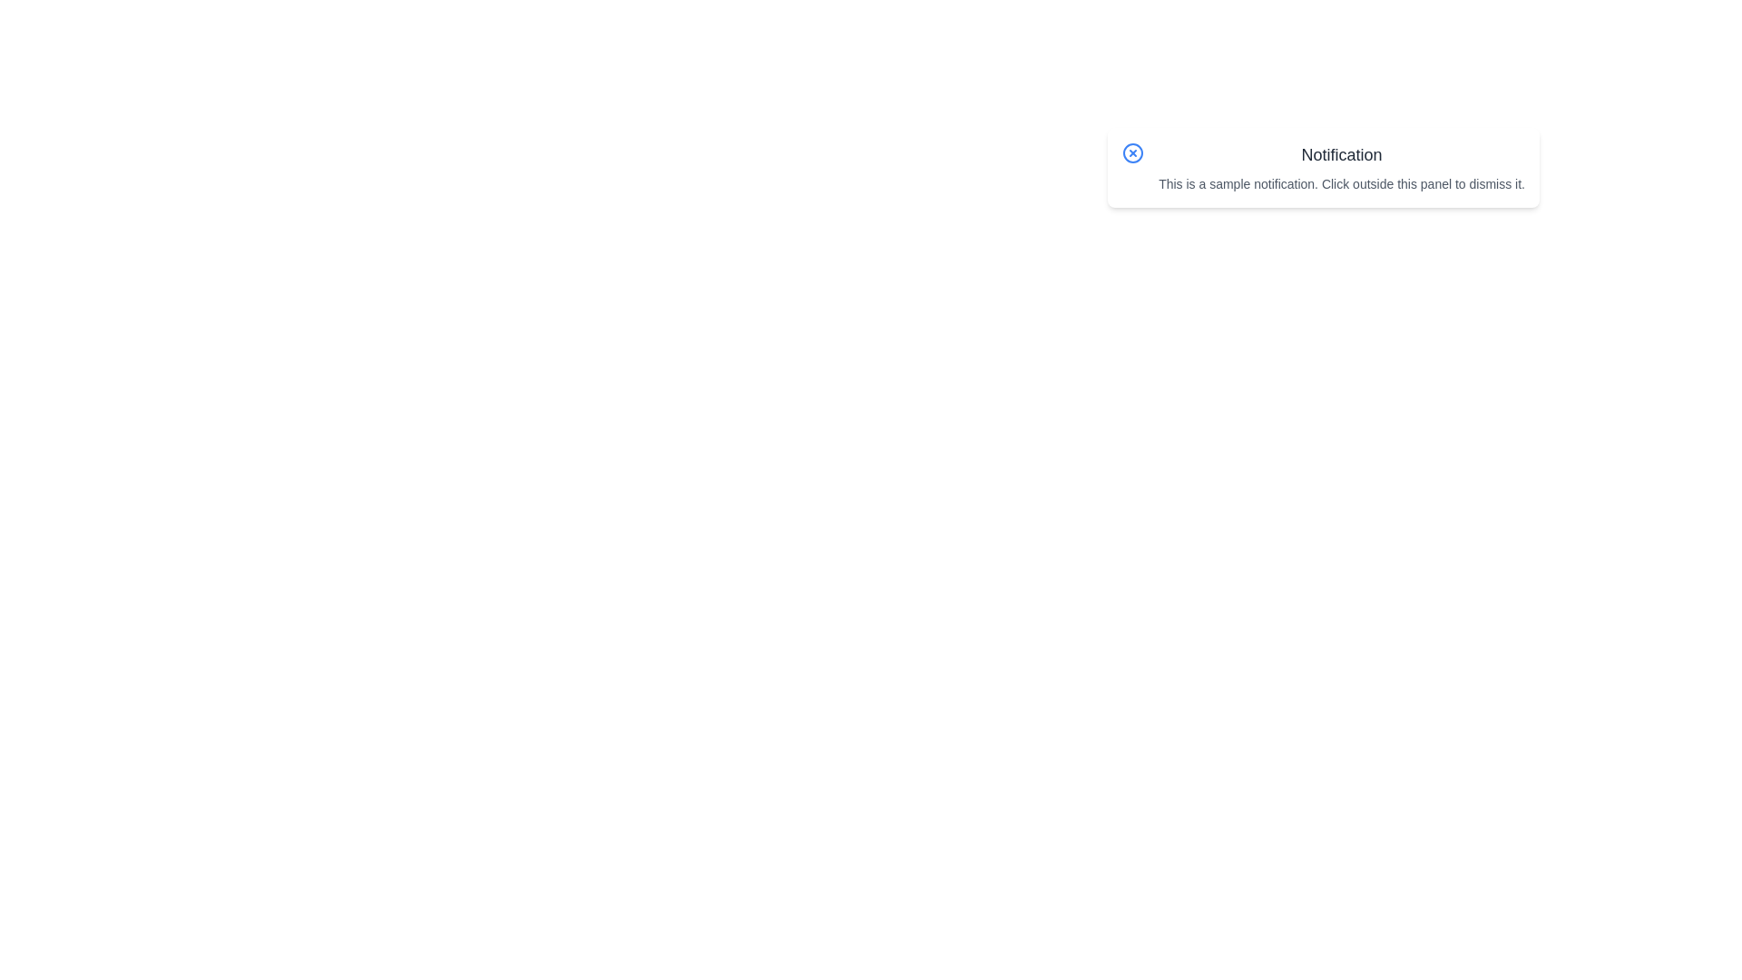  Describe the element at coordinates (1132, 152) in the screenshot. I see `the circular button-icon with a blue border and 'X' symbol located on the left side of the notification panel near the title 'Notification'` at that location.